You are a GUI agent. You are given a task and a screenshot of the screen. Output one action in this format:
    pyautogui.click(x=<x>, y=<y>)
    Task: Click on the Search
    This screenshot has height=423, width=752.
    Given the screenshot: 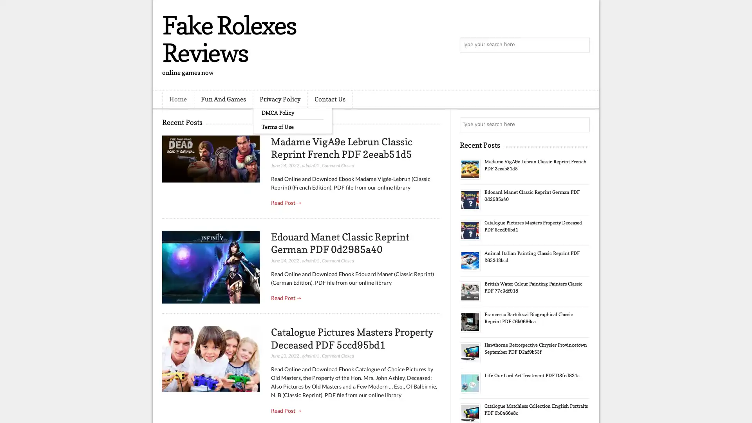 What is the action you would take?
    pyautogui.click(x=582, y=125)
    